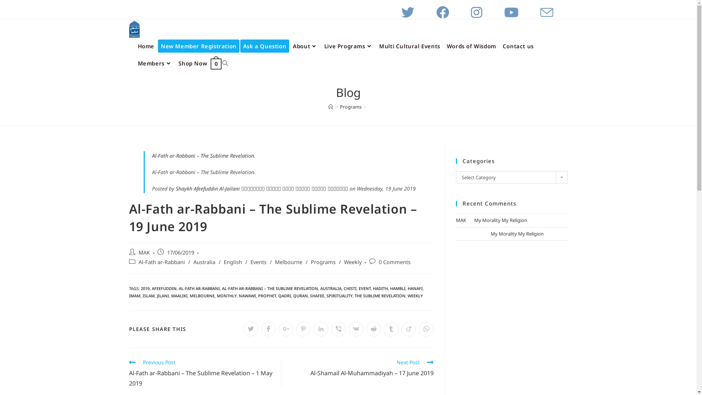 The height and width of the screenshot is (395, 702). I want to click on 'MELBOURNE', so click(202, 295).